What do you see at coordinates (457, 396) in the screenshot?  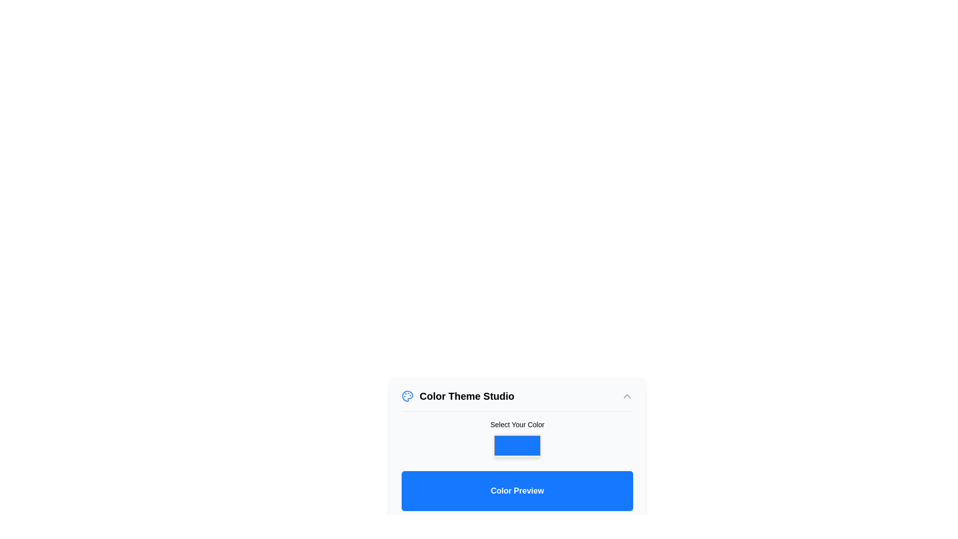 I see `the static text label representing the 'Color Theme Studio', located above the 'Toggle Panel' icon` at bounding box center [457, 396].